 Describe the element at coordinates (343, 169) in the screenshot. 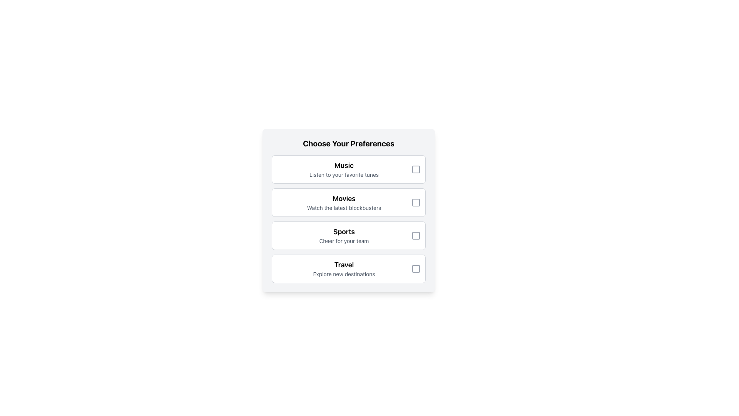

I see `the label component for the music preference option, which includes the title 'Music' and descriptive text, located within the first preference card beneath 'Choose Your Preferences'` at that location.